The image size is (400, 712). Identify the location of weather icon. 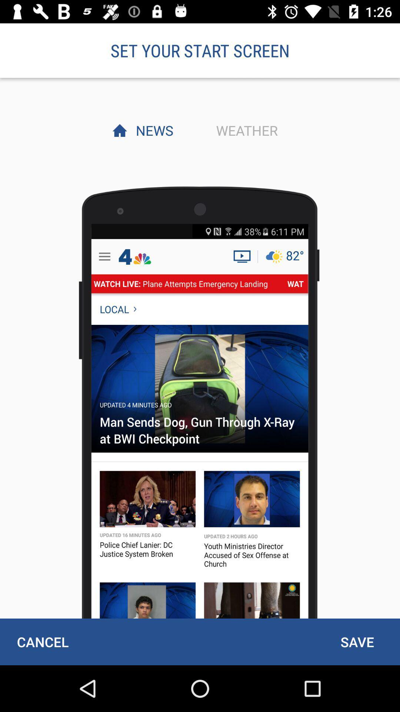
(245, 130).